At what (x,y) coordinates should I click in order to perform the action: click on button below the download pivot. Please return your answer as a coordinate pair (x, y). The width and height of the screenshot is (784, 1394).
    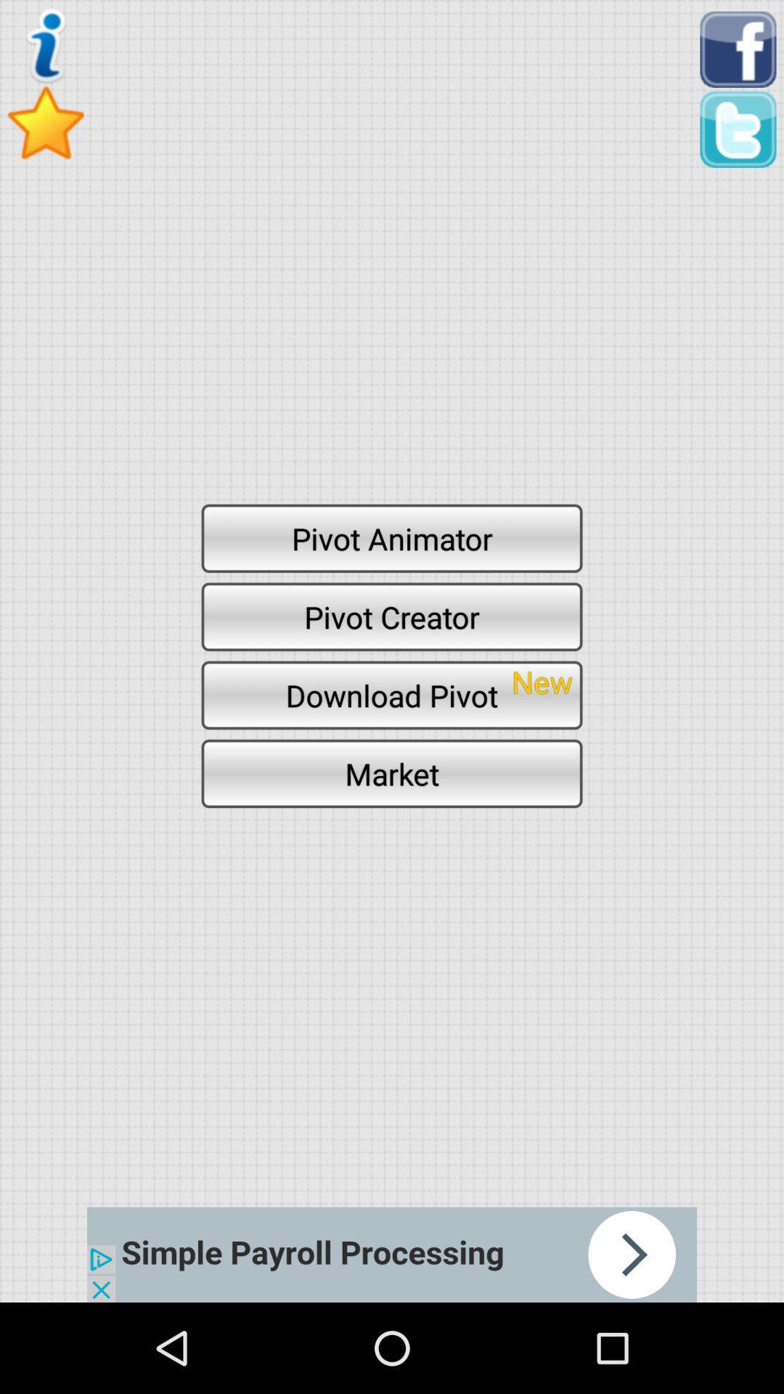
    Looking at the image, I should click on (392, 773).